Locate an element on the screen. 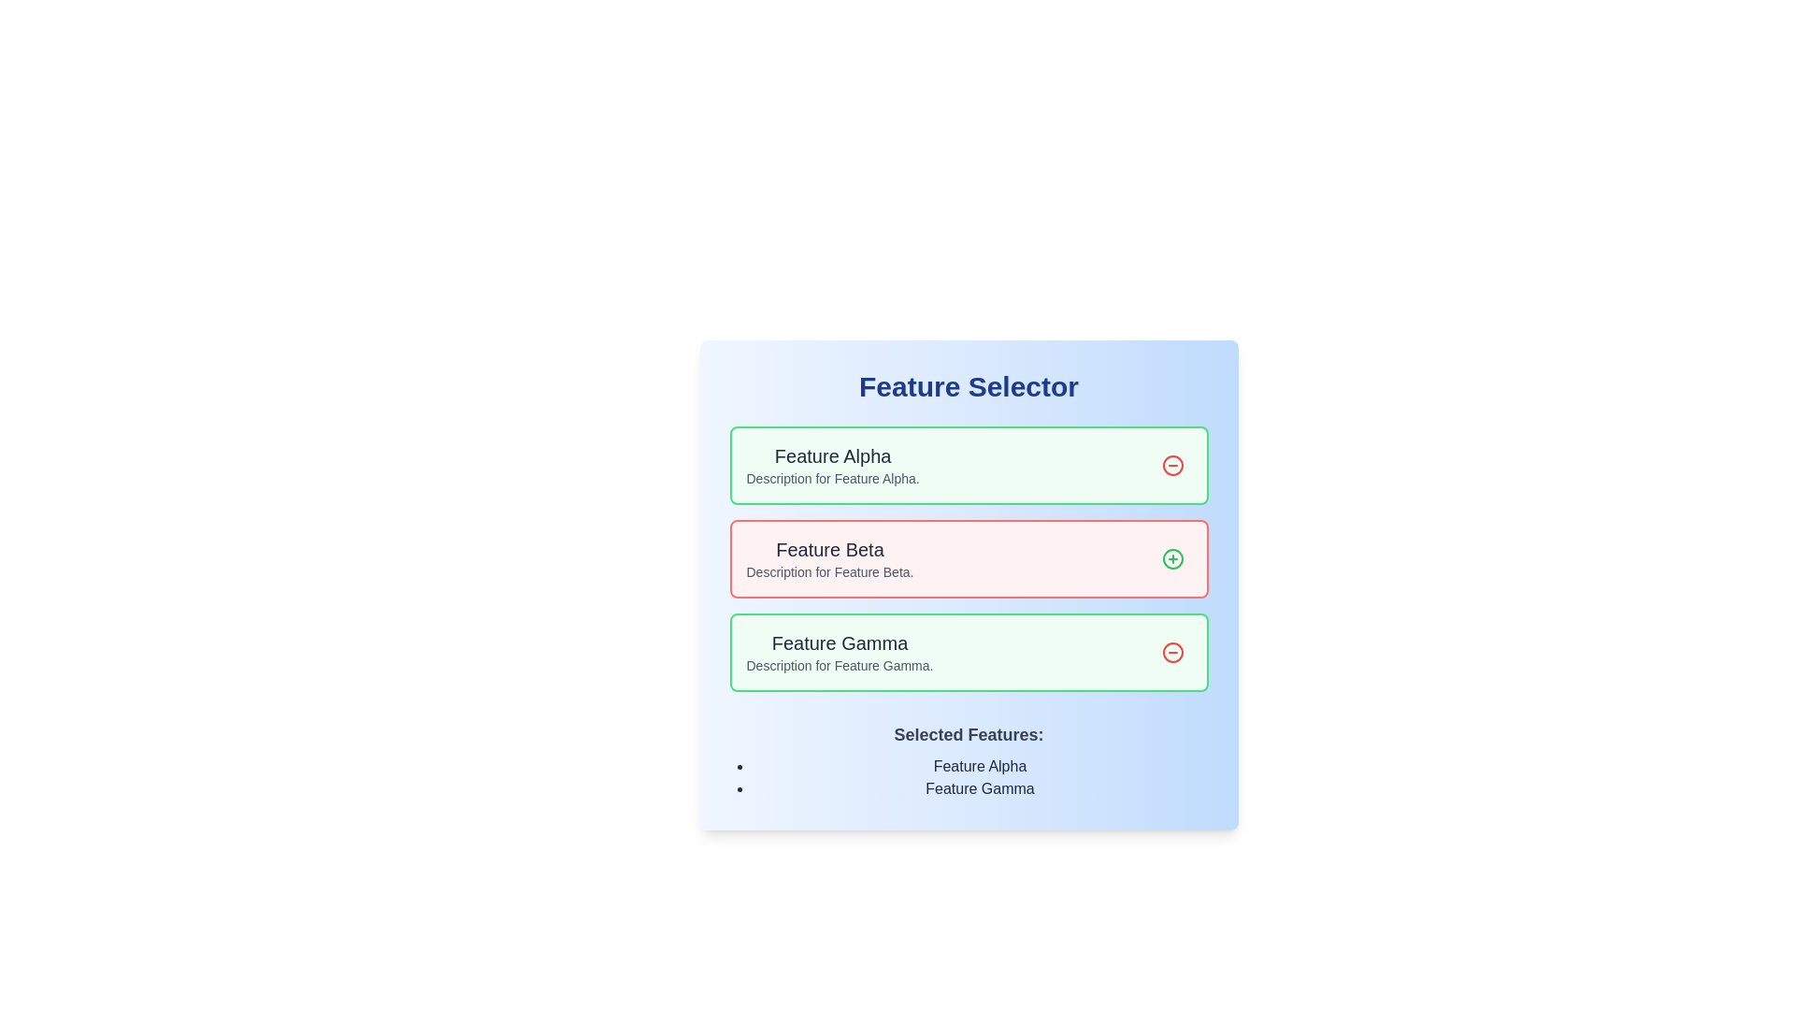 This screenshot has height=1010, width=1795. the Text Label that serves as a header for the list of features, located near the bottom of the layout below the interactive panels labeled 'Feature Alpha,' 'Feature Beta,' and 'Feature Gamma.' is located at coordinates (969, 734).